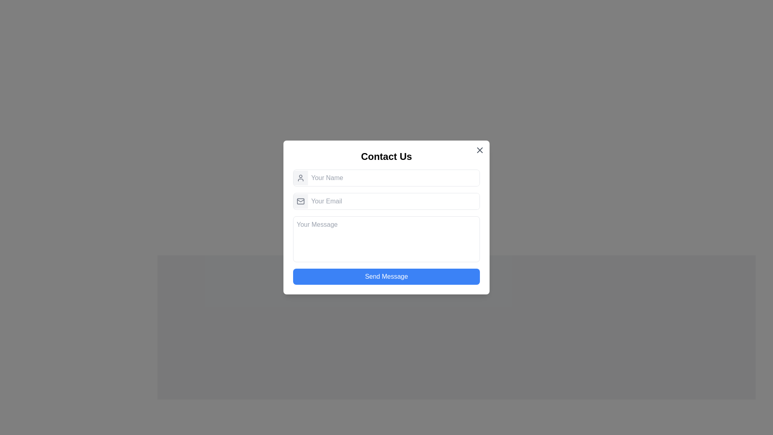 The height and width of the screenshot is (435, 773). I want to click on the close button located at the top-right corner of the modal to trigger hover effects, so click(480, 150).